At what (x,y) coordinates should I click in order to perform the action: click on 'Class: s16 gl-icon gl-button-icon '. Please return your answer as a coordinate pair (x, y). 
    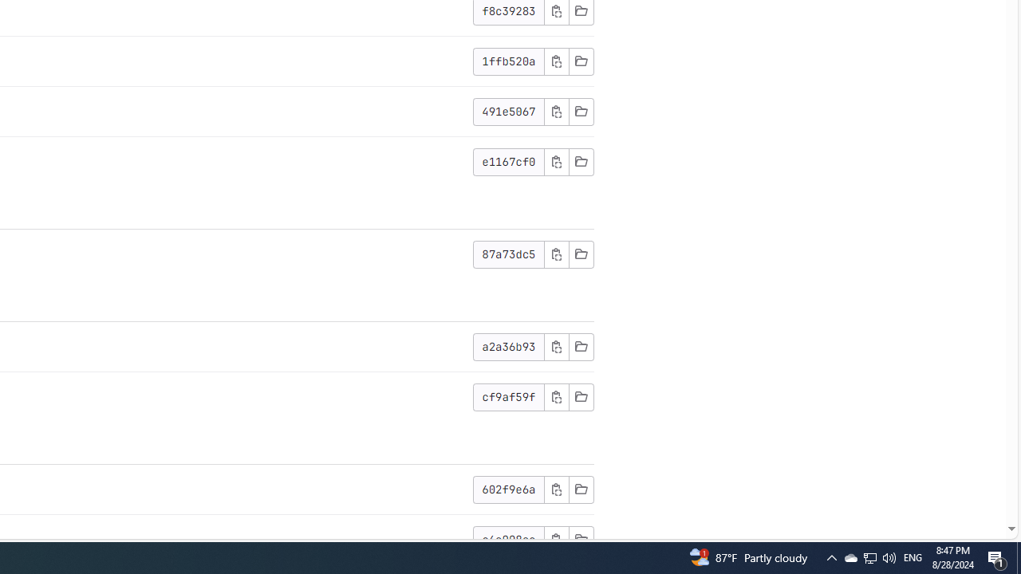
    Looking at the image, I should click on (556, 538).